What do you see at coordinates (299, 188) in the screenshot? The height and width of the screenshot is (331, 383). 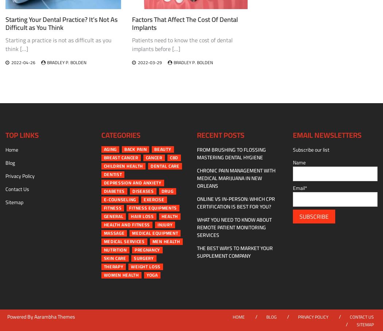 I see `'Email*'` at bounding box center [299, 188].